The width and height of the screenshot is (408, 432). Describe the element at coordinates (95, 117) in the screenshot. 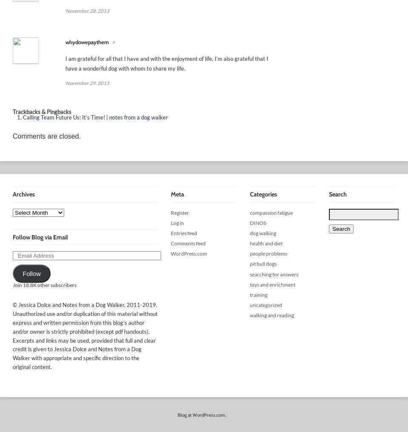

I see `'Calling Team Future Us: It’s Time! | notes from a dog walker'` at that location.